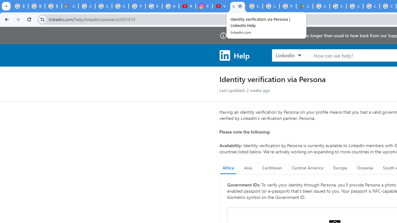  What do you see at coordinates (240, 6) in the screenshot?
I see `'Close'` at bounding box center [240, 6].